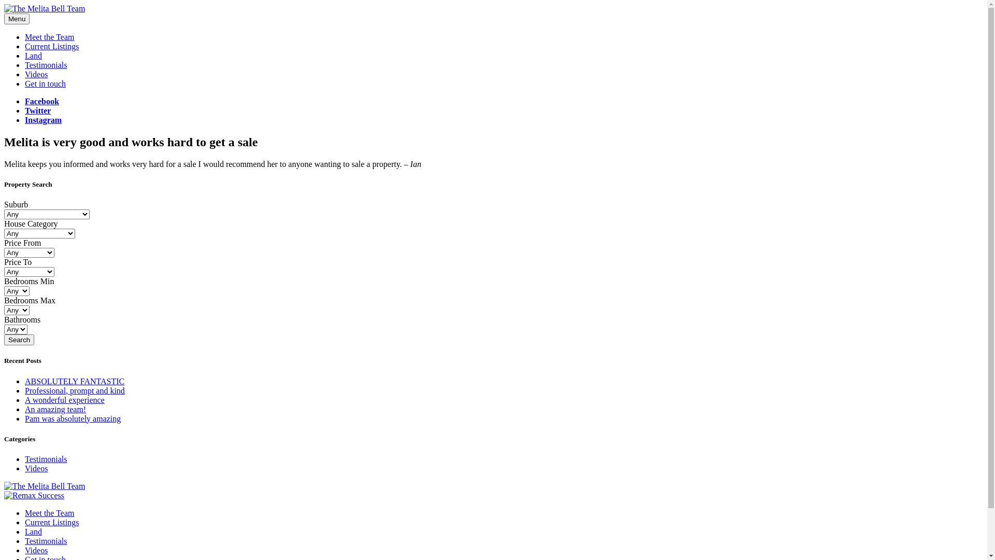 This screenshot has width=995, height=560. I want to click on 'Videos', so click(25, 468).